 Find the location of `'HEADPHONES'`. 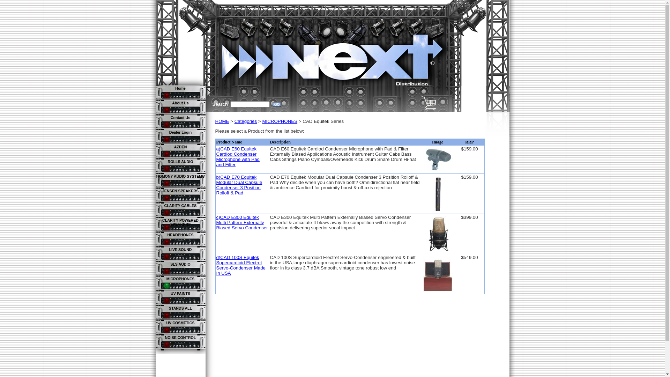

'HEADPHONES' is located at coordinates (167, 235).